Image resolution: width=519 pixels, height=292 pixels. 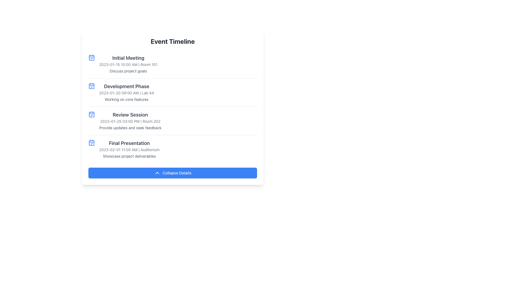 I want to click on the calendar icon with a checkmark styled in blue, located next to the 'Initial Meeting' entry in the vertical event timeline, so click(x=92, y=57).